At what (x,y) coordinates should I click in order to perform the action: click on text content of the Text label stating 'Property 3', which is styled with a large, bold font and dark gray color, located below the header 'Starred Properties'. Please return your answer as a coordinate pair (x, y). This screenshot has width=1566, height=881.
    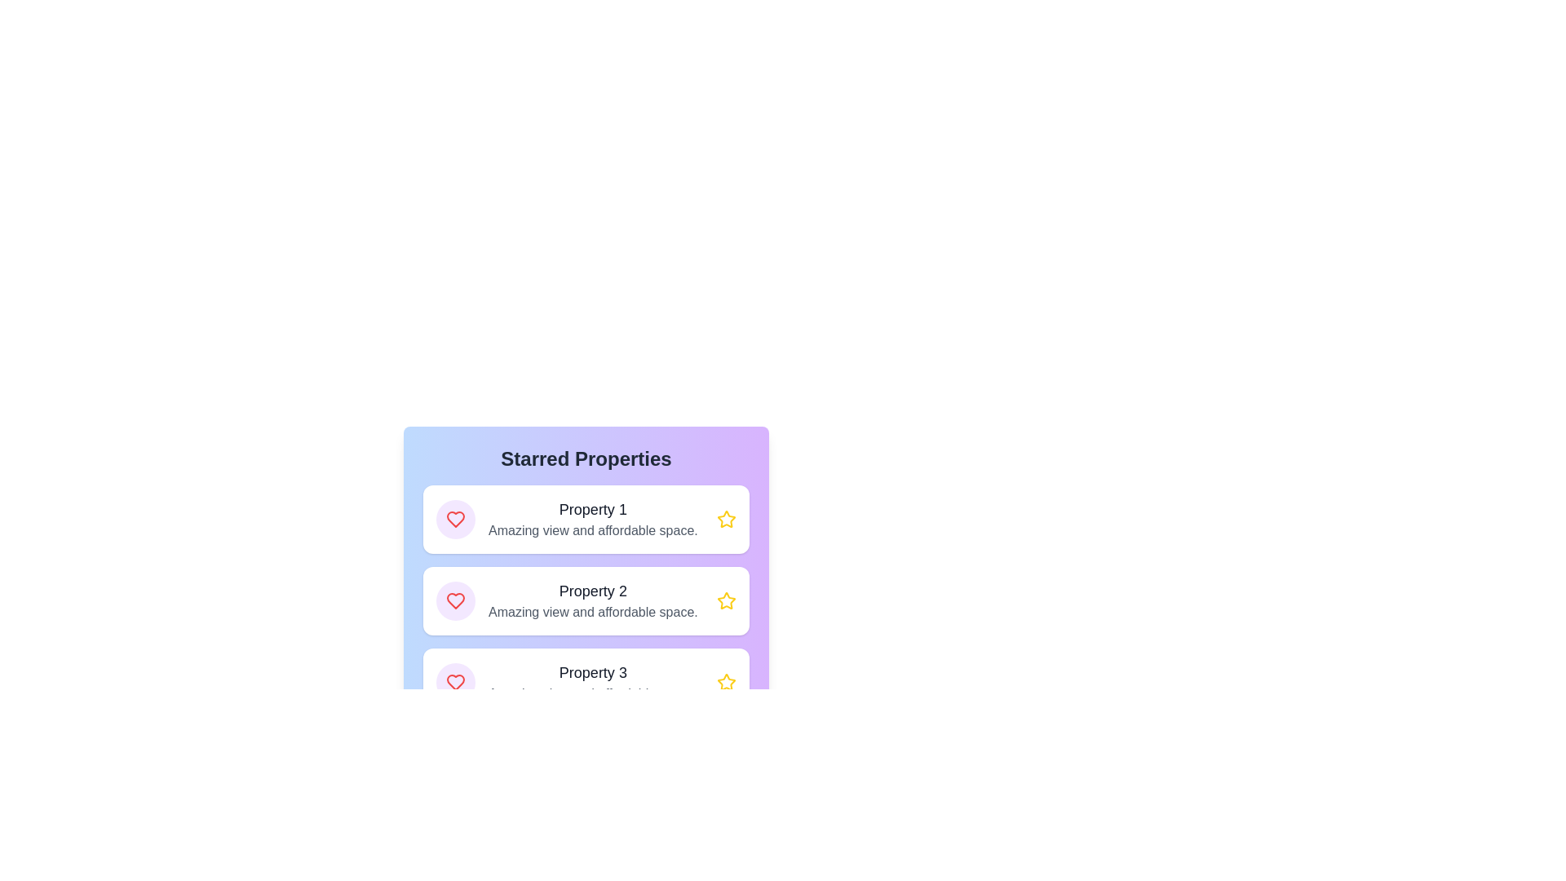
    Looking at the image, I should click on (592, 673).